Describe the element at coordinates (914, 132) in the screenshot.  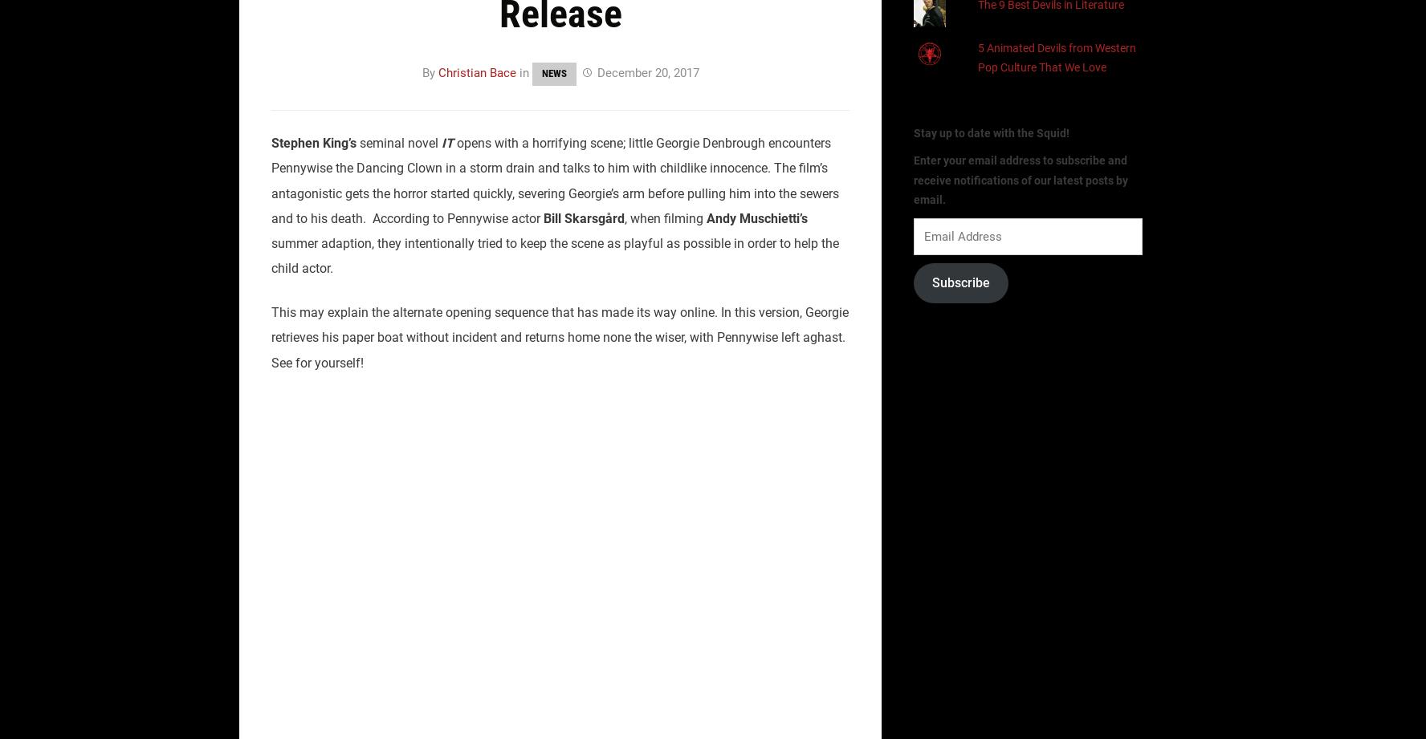
I see `'Stay up to date with the Squid!'` at that location.